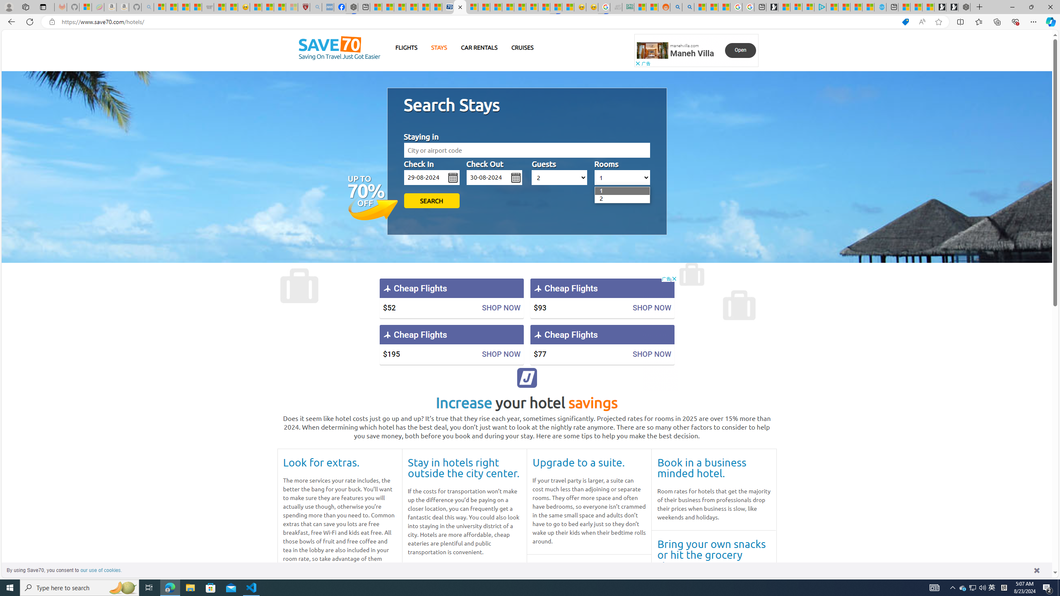 This screenshot has height=596, width=1060. Describe the element at coordinates (439, 47) in the screenshot. I see `'STAYS'` at that location.